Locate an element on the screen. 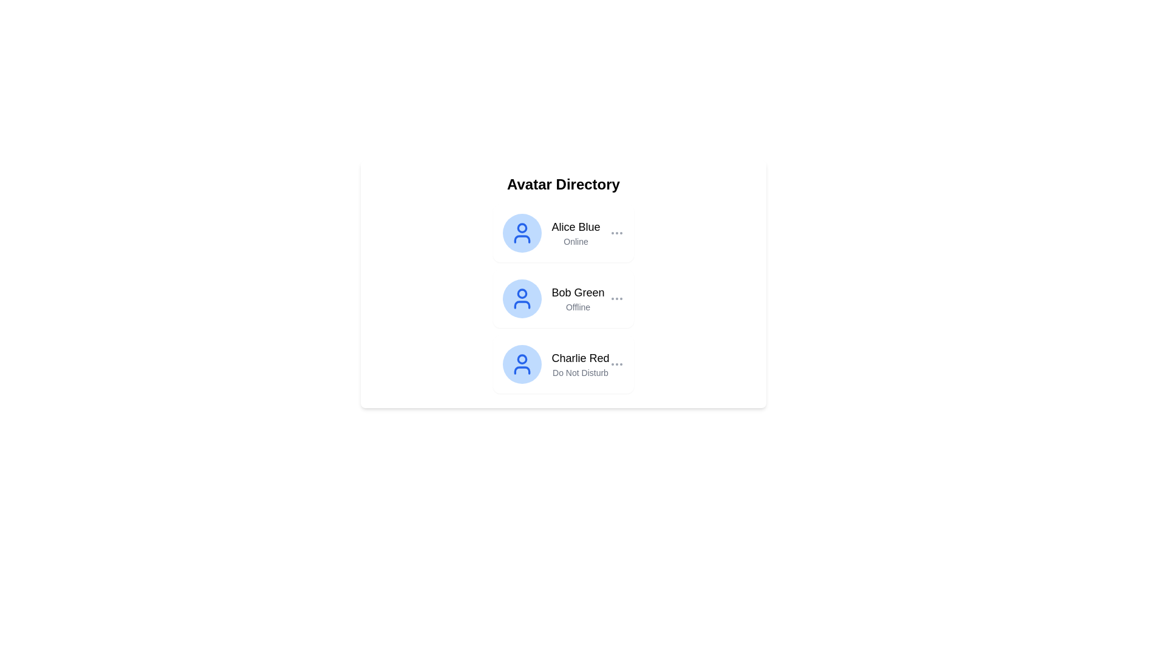 The height and width of the screenshot is (656, 1166). the text display showing 'Charlie Red' with status 'Do Not Disturb' is located at coordinates (579, 364).